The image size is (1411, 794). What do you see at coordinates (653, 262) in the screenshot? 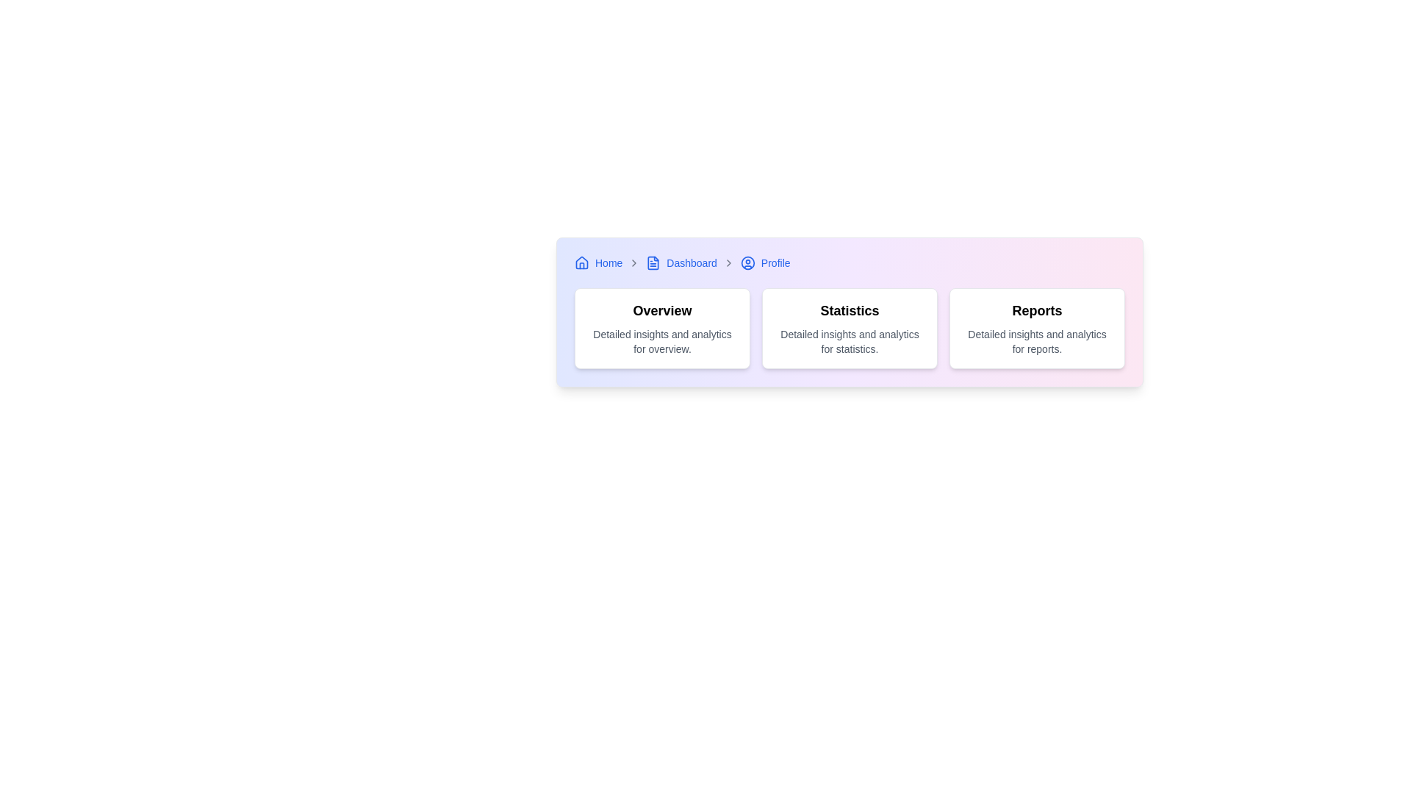
I see `the decorative 'Dashboard' icon in the breadcrumb navigation bar, located next to the 'Home' icon` at bounding box center [653, 262].